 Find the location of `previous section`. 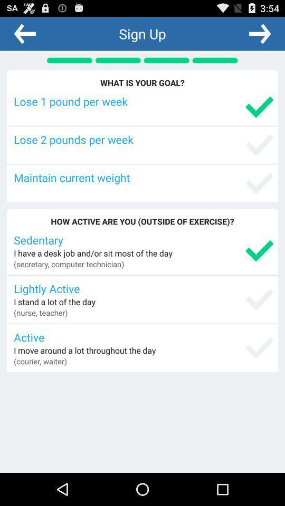

previous section is located at coordinates (25, 33).